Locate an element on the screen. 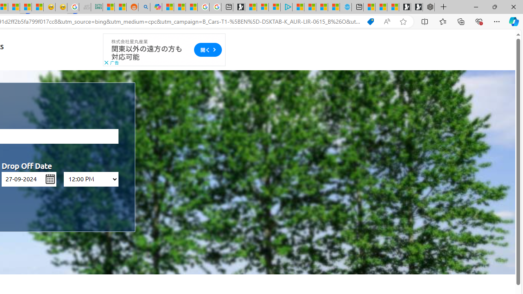 Image resolution: width=523 pixels, height=294 pixels. 'mm/dd/yy' is located at coordinates (29, 178).